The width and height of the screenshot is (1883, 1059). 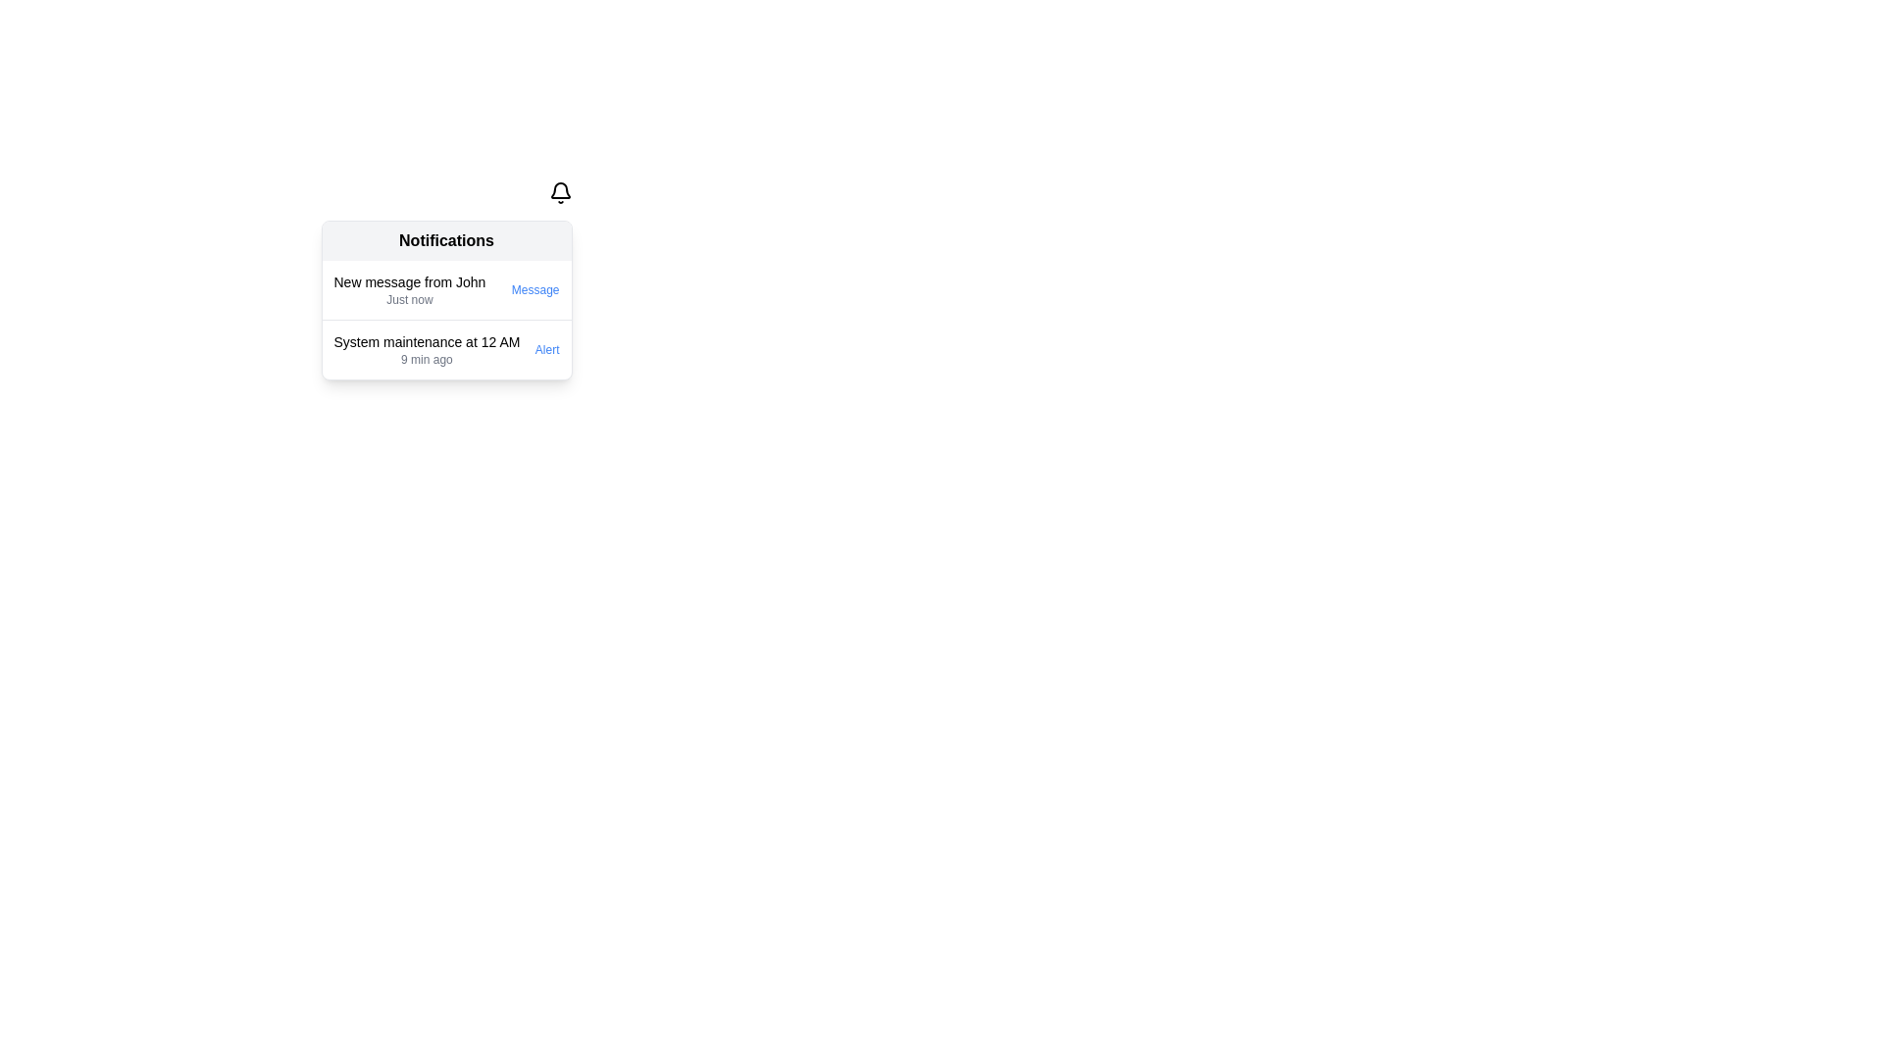 I want to click on the text label displaying 'System maintenance at 12 AM' which is the second notification in the notification panel, so click(x=426, y=349).